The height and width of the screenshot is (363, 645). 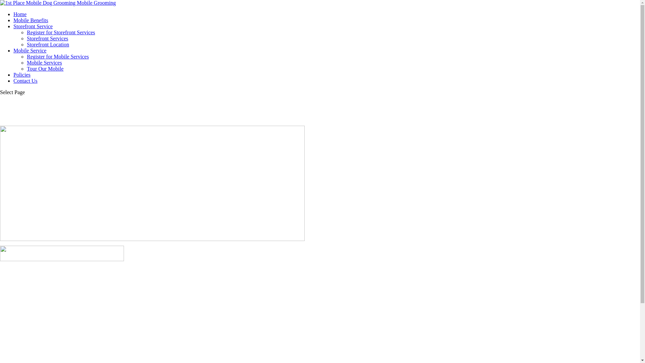 What do you see at coordinates (47, 38) in the screenshot?
I see `'Storefront Services'` at bounding box center [47, 38].